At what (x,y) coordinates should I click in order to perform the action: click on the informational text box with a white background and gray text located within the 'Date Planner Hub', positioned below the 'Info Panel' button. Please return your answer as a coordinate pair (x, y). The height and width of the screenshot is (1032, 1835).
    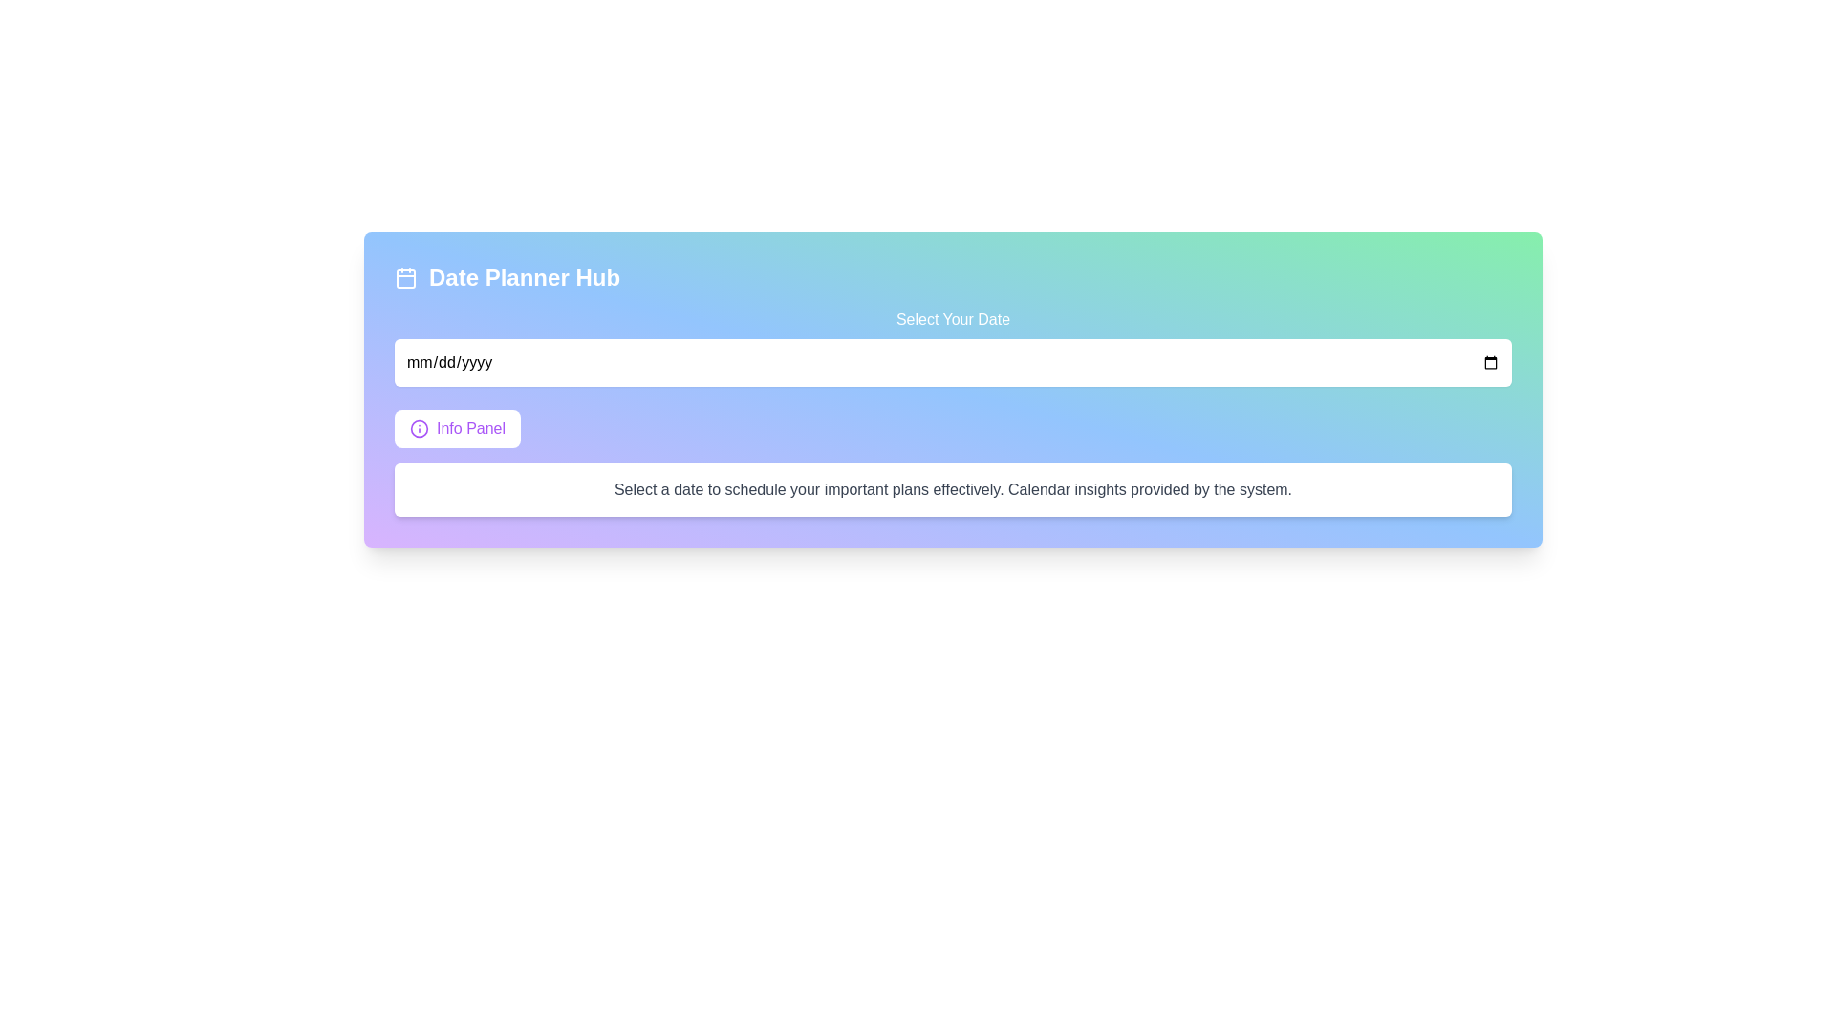
    Looking at the image, I should click on (953, 489).